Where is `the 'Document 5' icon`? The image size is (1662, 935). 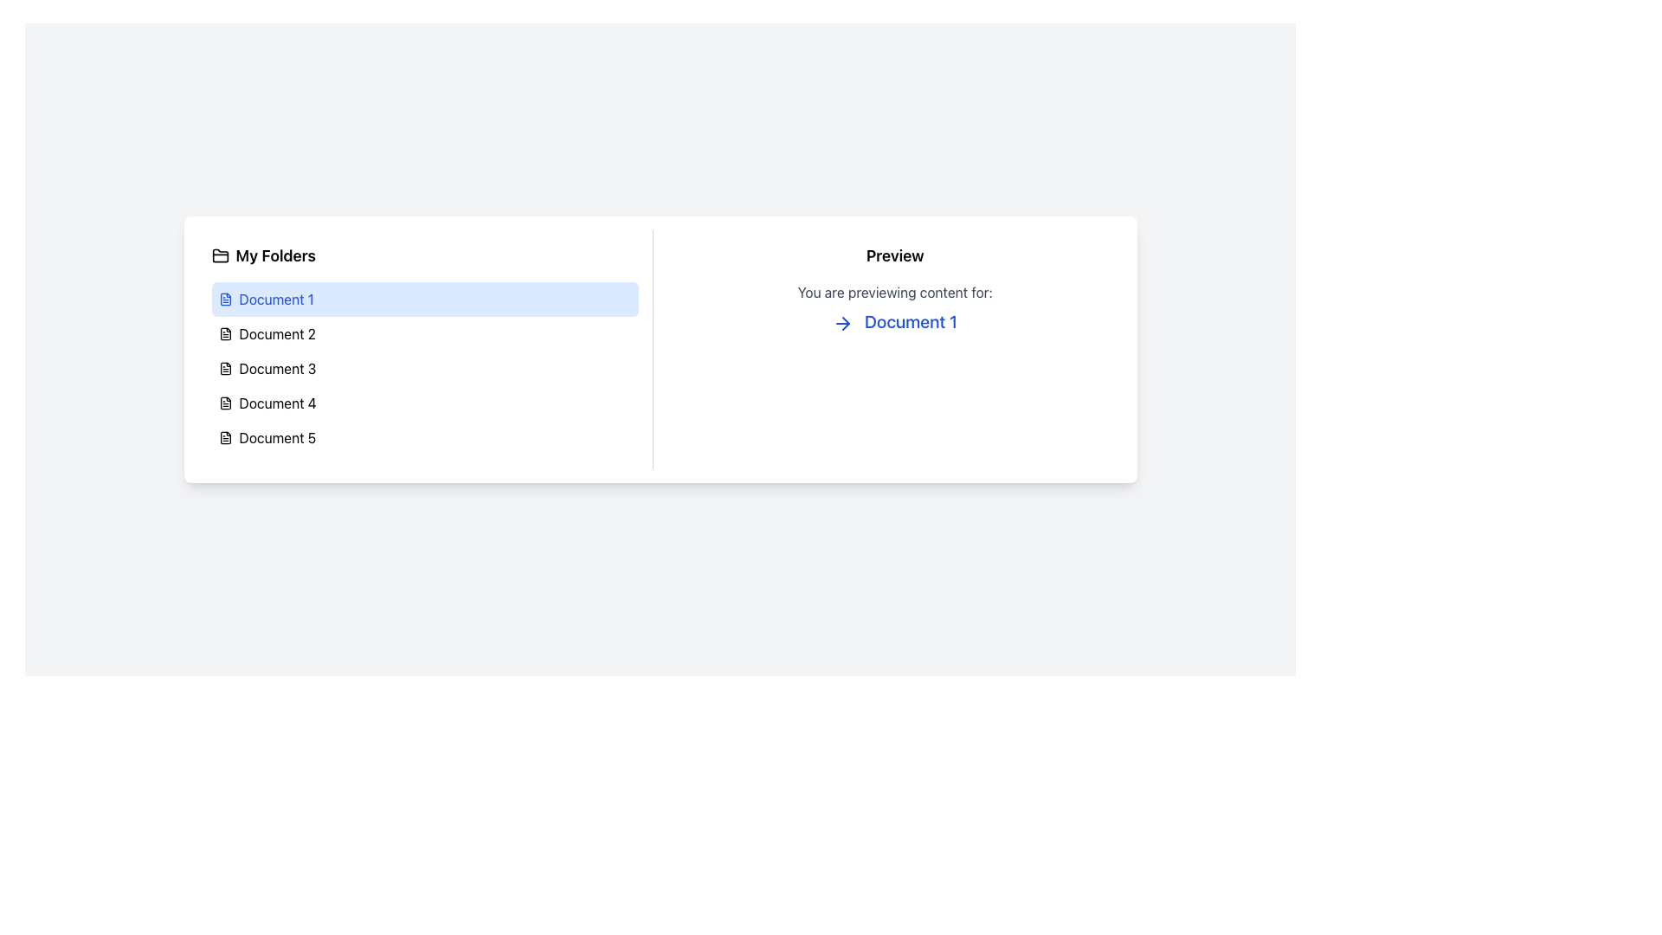 the 'Document 5' icon is located at coordinates (224, 436).